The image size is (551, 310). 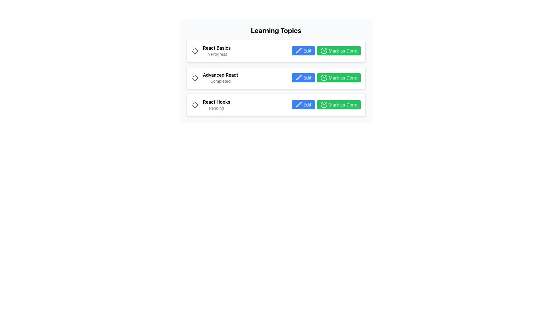 What do you see at coordinates (220, 77) in the screenshot?
I see `the text block displaying the title and status of a learning topic, located between 'React Basics' and 'React Hooks' in the 'Learning Topics' section` at bounding box center [220, 77].